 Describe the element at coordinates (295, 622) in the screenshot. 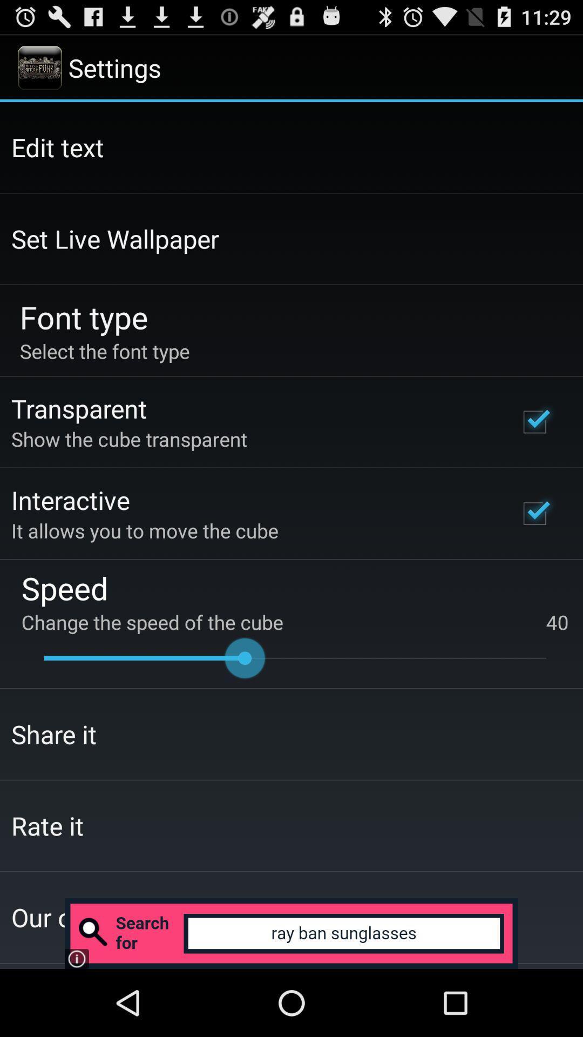

I see `icon below the speed` at that location.